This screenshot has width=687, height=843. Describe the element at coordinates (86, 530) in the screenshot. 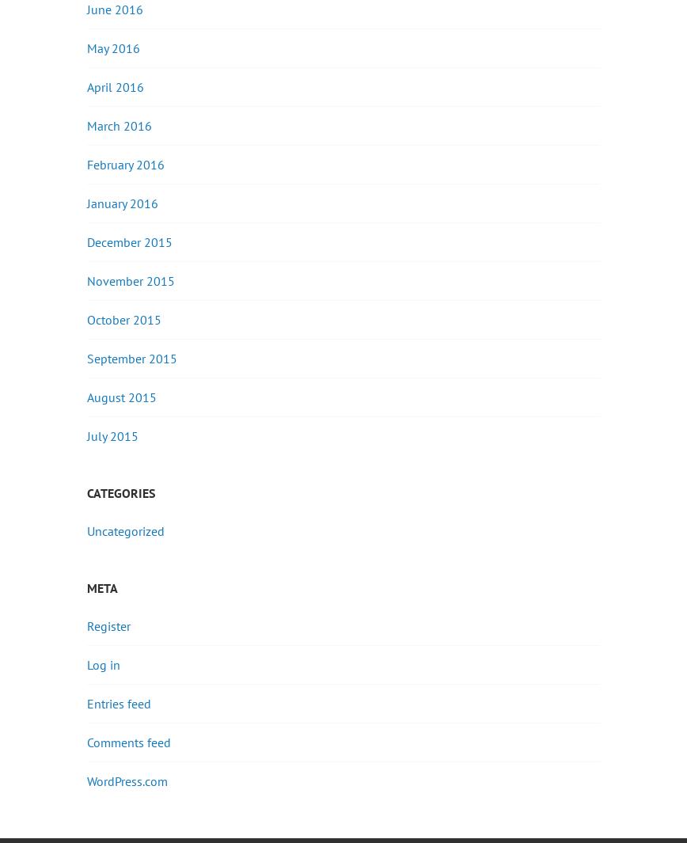

I see `'Uncategorized'` at that location.